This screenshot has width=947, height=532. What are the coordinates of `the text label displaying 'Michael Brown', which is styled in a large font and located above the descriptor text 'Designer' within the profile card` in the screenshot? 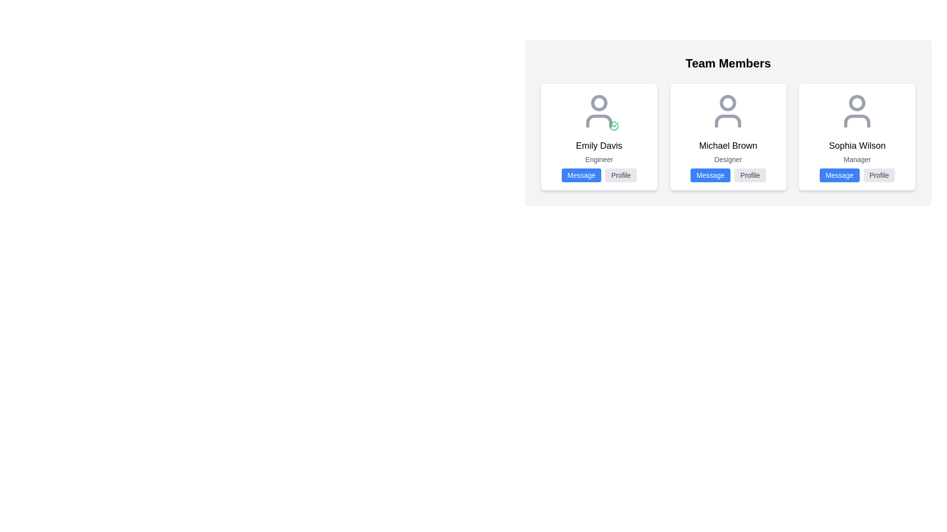 It's located at (728, 146).